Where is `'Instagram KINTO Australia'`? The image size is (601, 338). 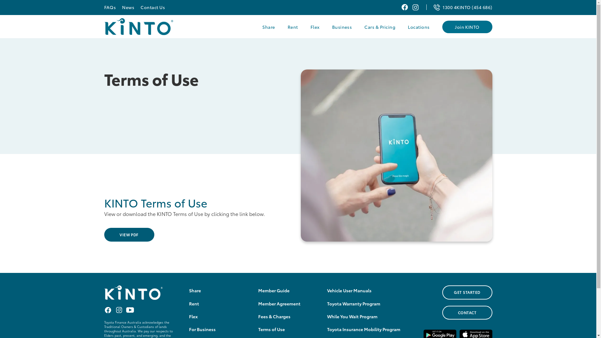 'Instagram KINTO Australia' is located at coordinates (415, 7).